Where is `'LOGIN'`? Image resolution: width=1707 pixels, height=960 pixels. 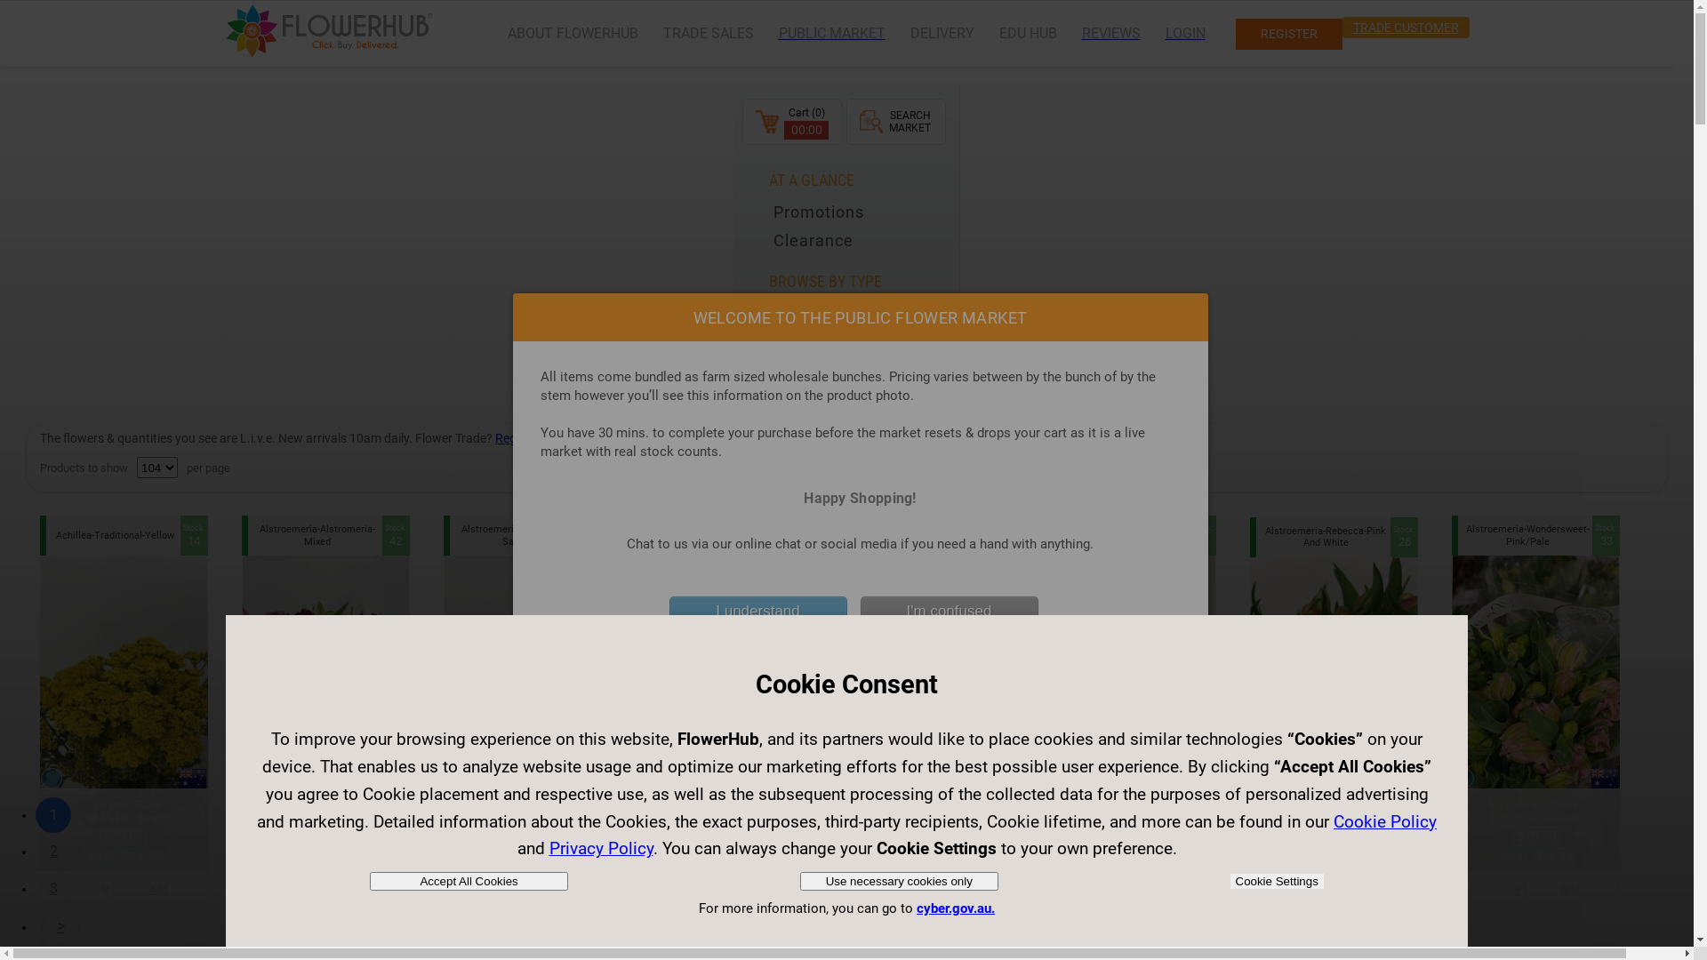
'LOGIN' is located at coordinates (1184, 34).